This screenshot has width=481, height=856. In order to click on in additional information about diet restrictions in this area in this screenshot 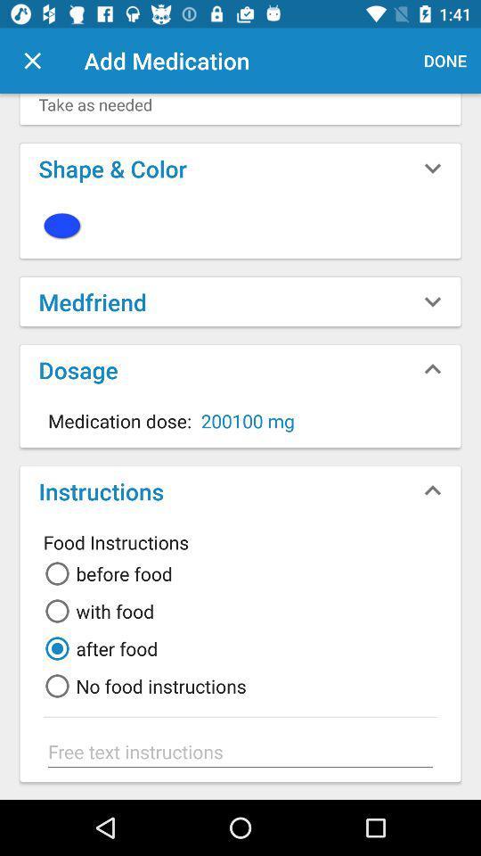, I will do `click(240, 751)`.